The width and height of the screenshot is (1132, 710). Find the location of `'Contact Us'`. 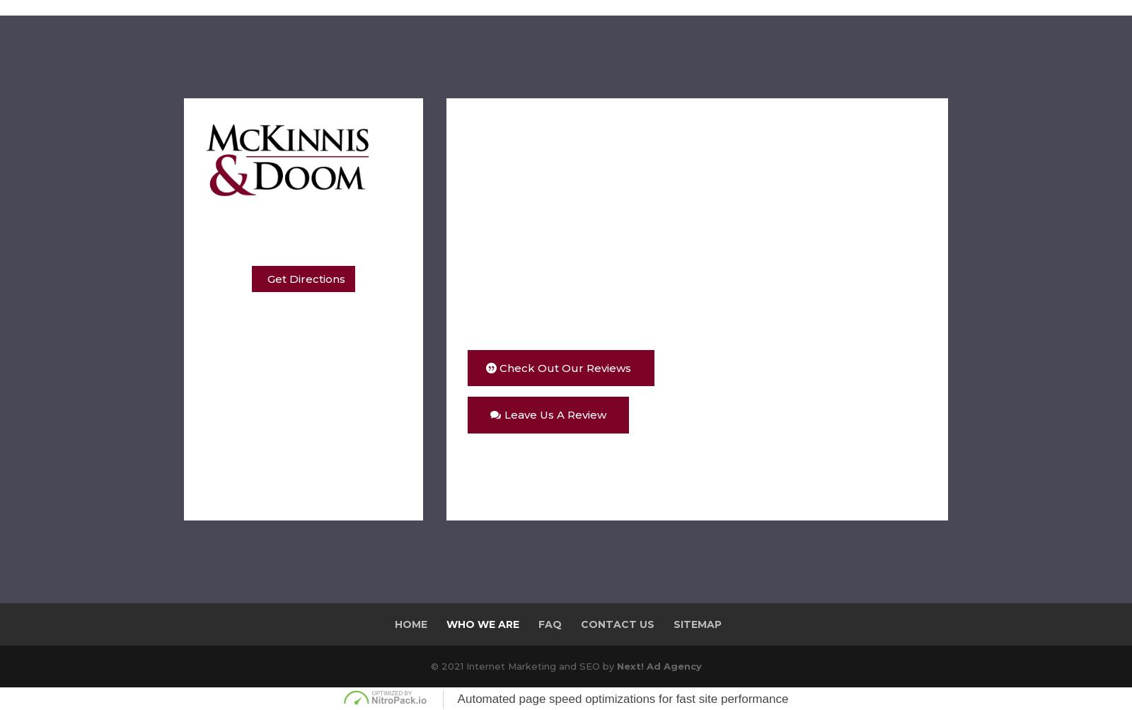

'Contact Us' is located at coordinates (616, 624).